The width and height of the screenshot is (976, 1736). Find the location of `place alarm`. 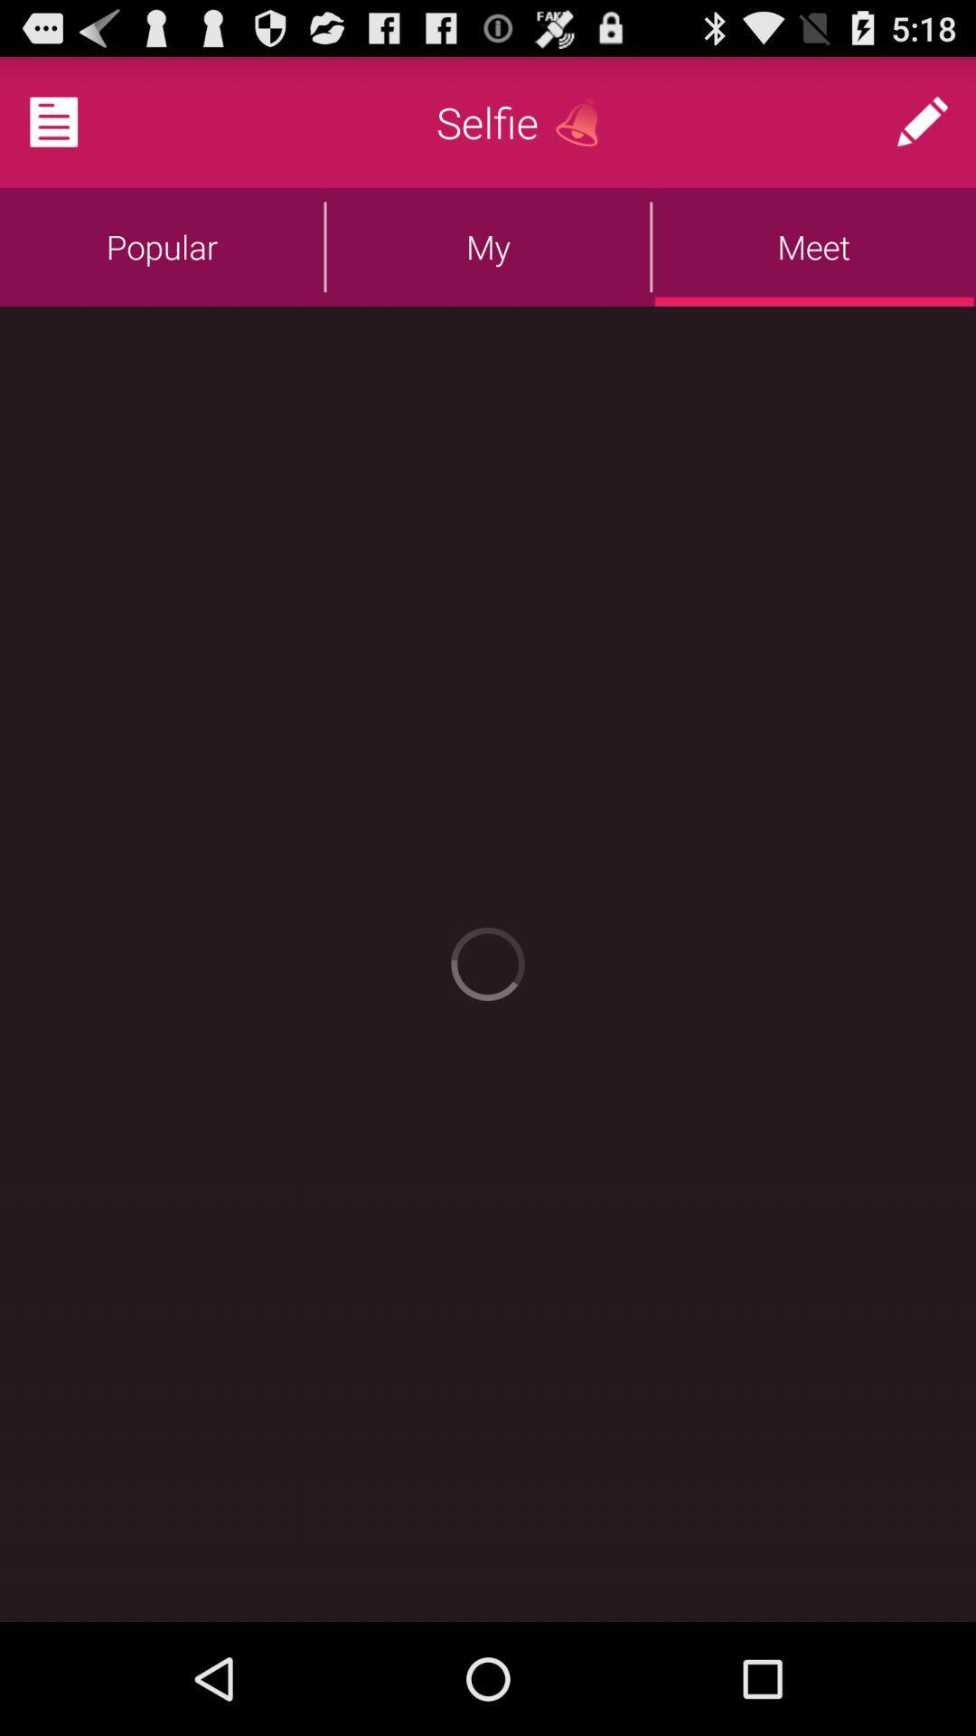

place alarm is located at coordinates (584, 121).